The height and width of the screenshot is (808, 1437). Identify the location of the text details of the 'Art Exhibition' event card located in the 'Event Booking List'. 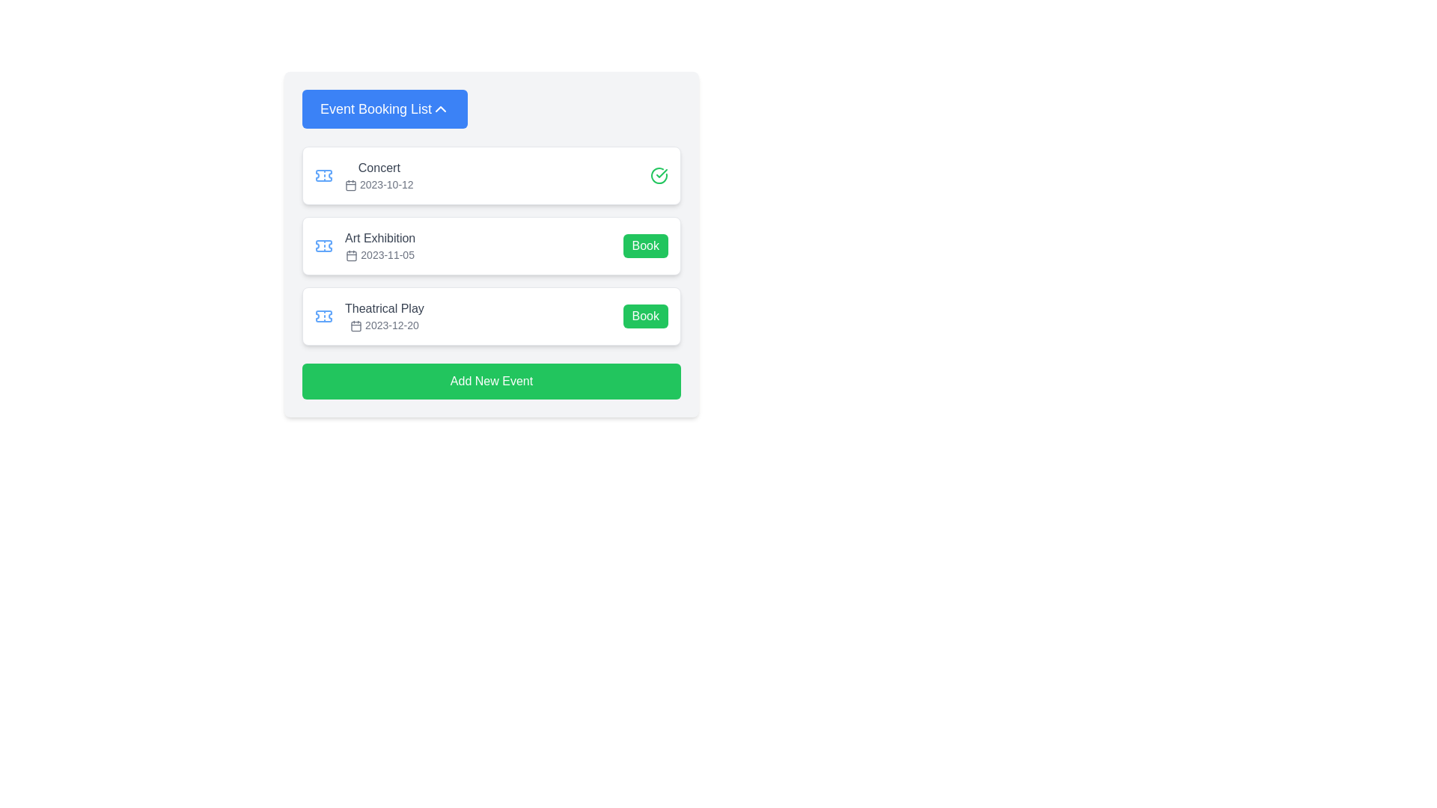
(492, 236).